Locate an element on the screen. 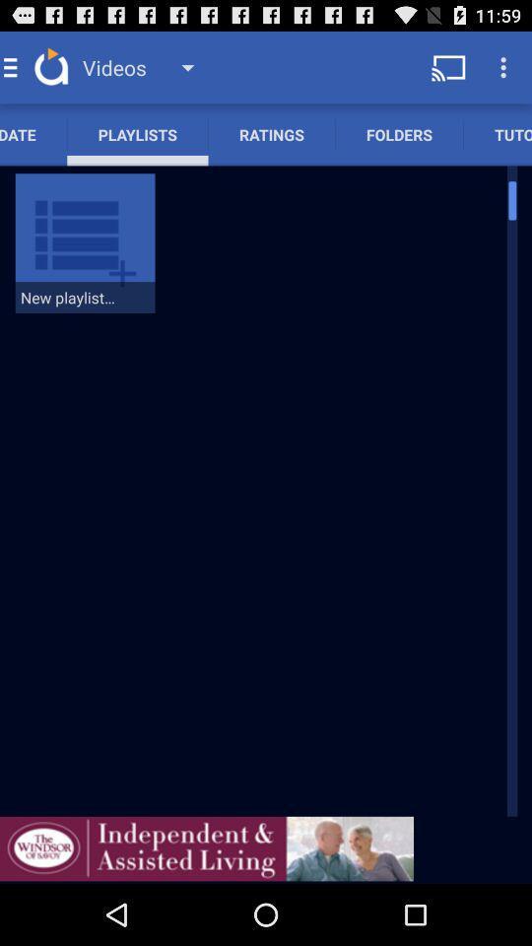 The height and width of the screenshot is (946, 532). the button which is at the top right corner of the page is located at coordinates (506, 67).